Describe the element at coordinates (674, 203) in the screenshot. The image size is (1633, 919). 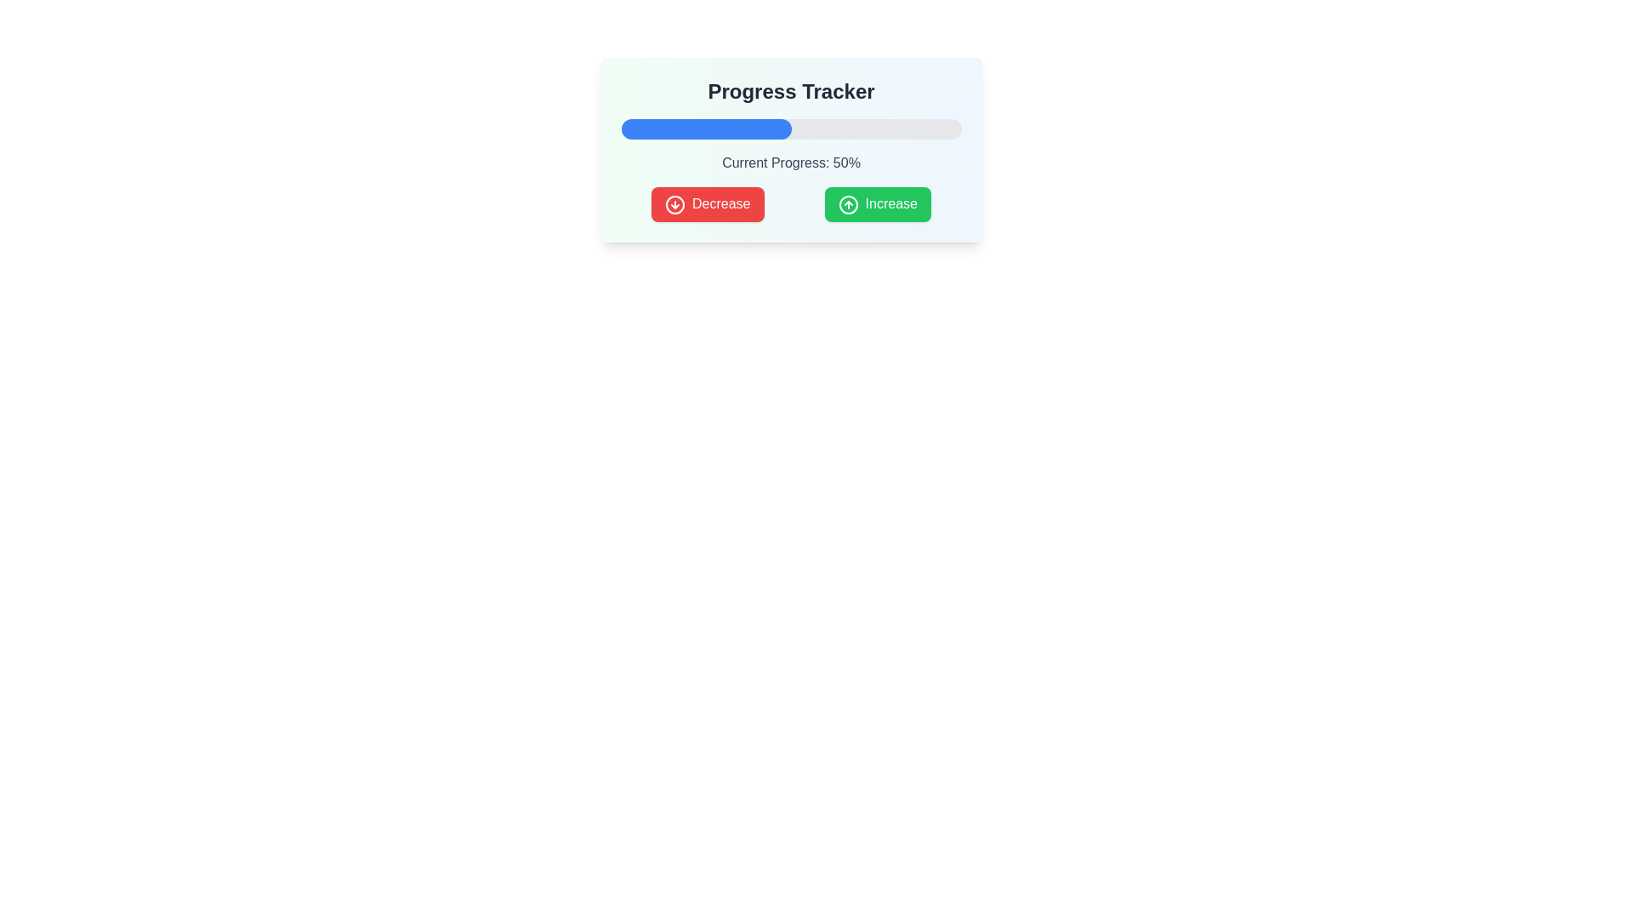
I see `the decorative circular vector graphic that is part of a diagram, located to the left of the 'Decrease' button` at that location.